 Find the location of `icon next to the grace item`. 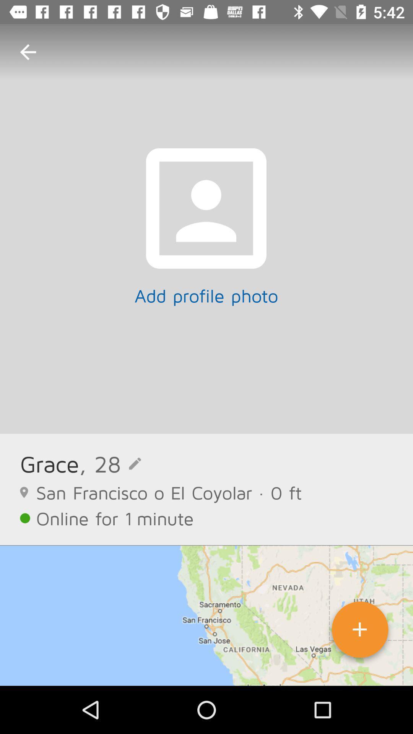

icon next to the grace item is located at coordinates (110, 463).